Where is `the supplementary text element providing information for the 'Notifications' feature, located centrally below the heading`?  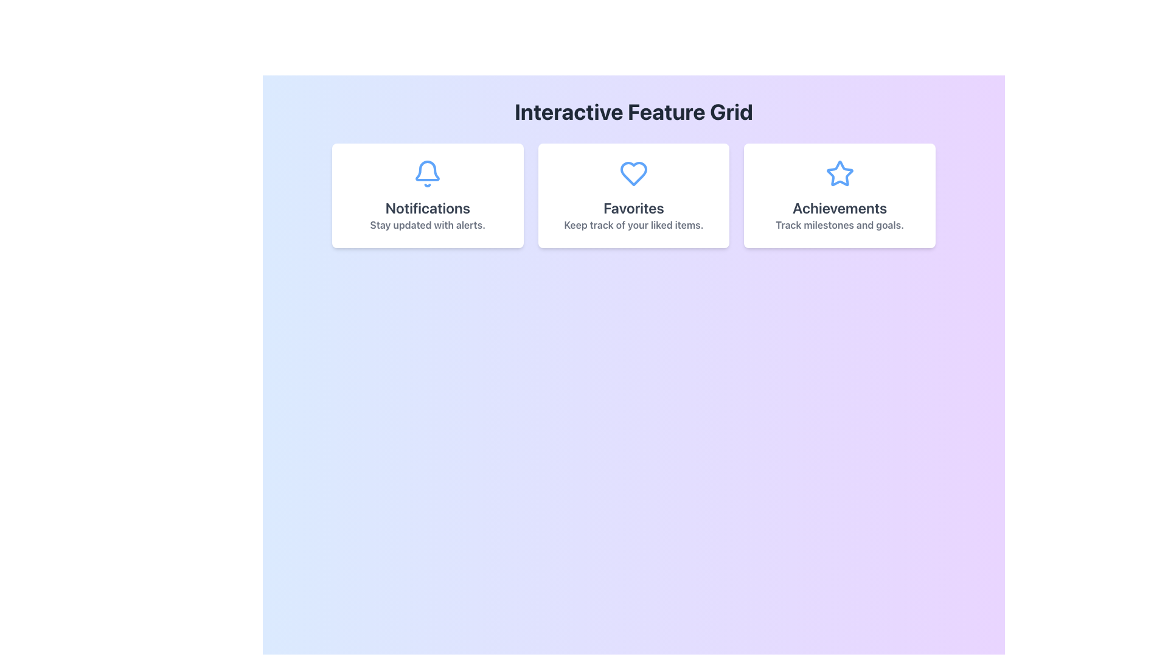 the supplementary text element providing information for the 'Notifications' feature, located centrally below the heading is located at coordinates (428, 225).